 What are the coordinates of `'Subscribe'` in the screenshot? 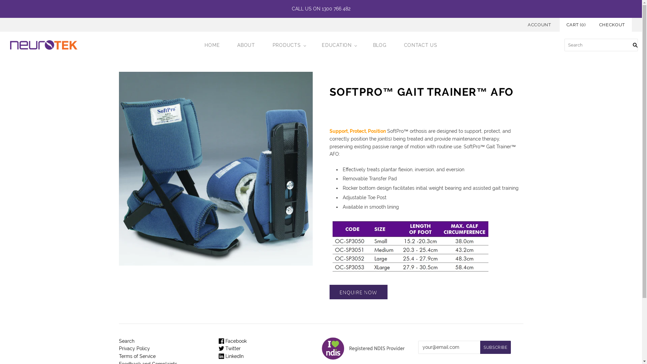 It's located at (480, 347).